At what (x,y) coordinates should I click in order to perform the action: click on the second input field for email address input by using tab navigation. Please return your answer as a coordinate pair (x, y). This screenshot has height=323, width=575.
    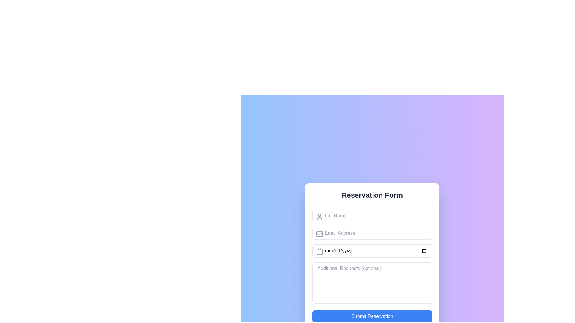
    Looking at the image, I should click on (372, 233).